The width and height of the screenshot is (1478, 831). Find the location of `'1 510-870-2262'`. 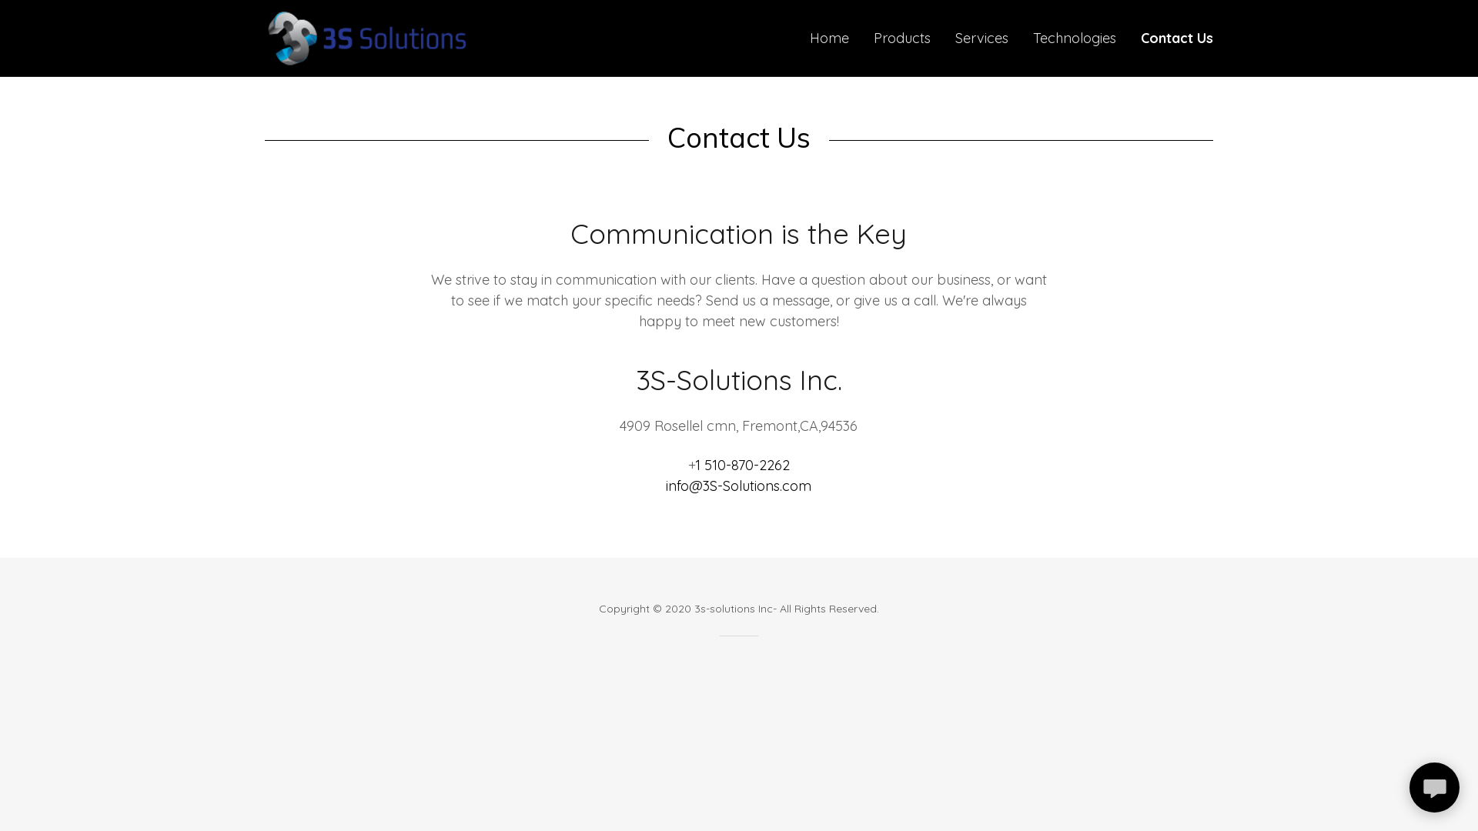

'1 510-870-2262' is located at coordinates (742, 464).